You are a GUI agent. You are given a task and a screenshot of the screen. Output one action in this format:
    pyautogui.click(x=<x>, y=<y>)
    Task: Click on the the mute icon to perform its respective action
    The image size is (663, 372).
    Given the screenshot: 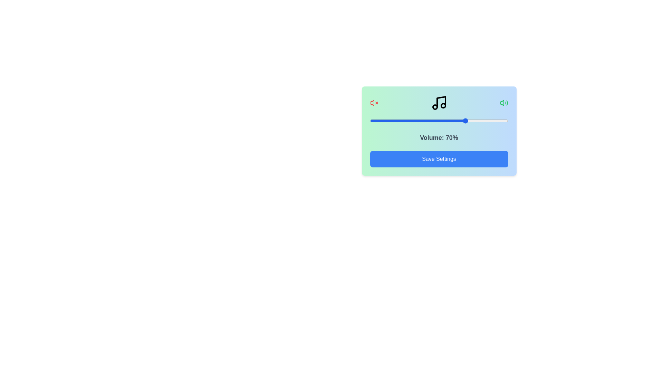 What is the action you would take?
    pyautogui.click(x=374, y=103)
    